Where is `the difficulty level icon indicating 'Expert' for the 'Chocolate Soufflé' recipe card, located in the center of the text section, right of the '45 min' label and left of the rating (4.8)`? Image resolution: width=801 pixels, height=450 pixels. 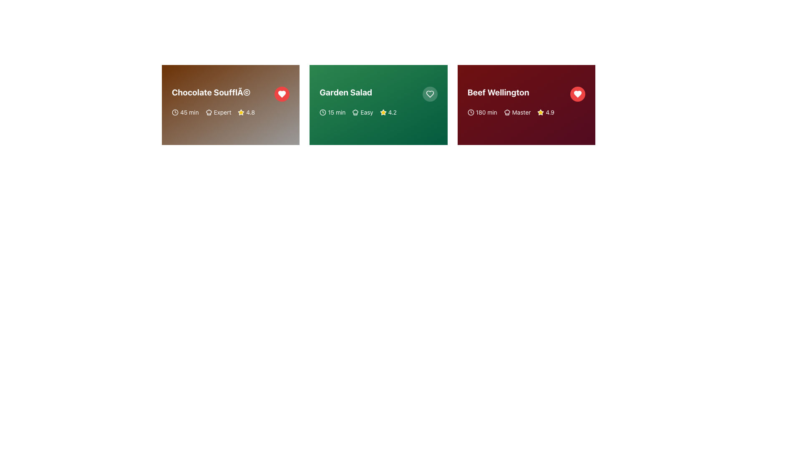 the difficulty level icon indicating 'Expert' for the 'Chocolate Soufflé' recipe card, located in the center of the text section, right of the '45 min' label and left of the rating (4.8) is located at coordinates (218, 112).